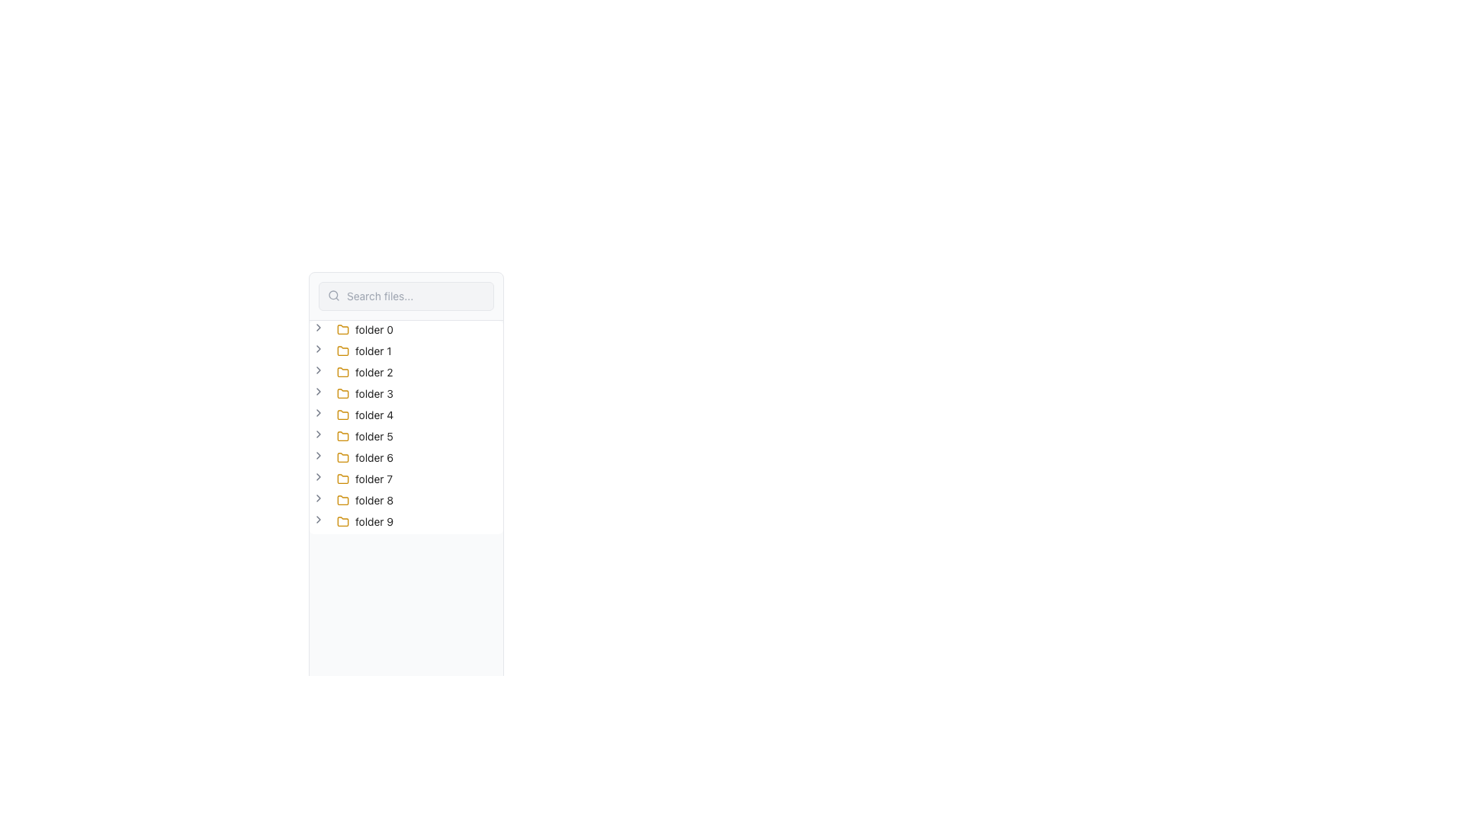  Describe the element at coordinates (374, 373) in the screenshot. I see `the text label for the folder named 'folder 2' located in the left panel's vertical list` at that location.